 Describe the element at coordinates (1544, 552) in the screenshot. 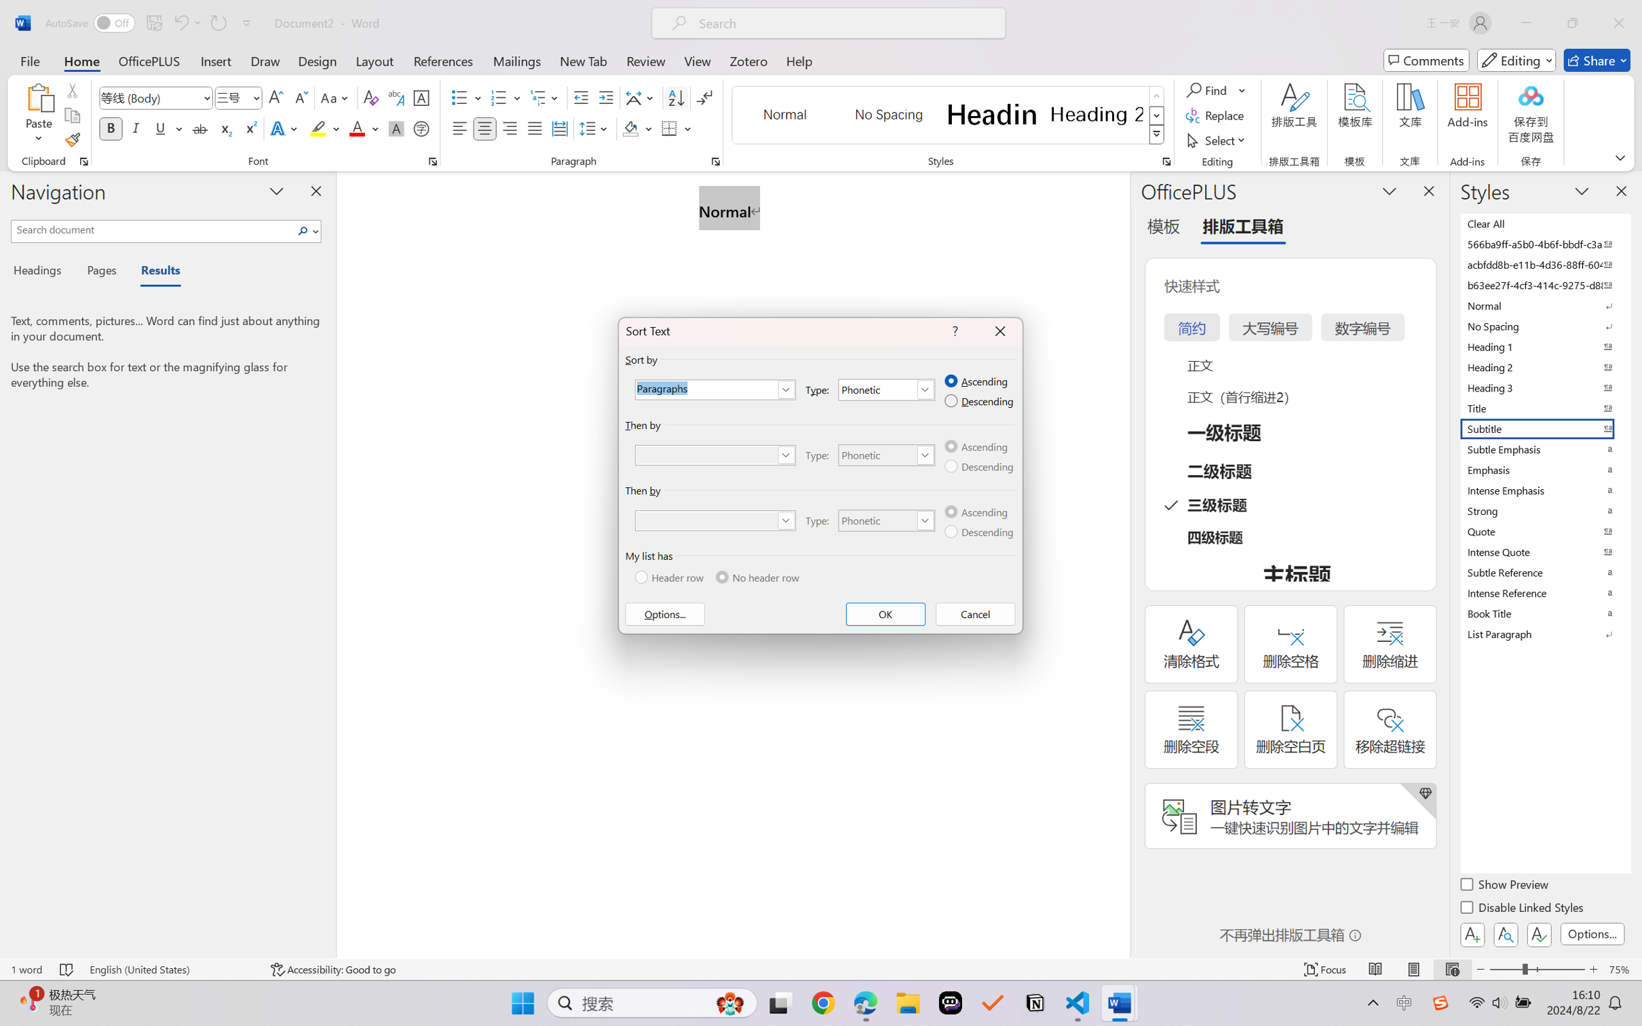

I see `'Intense Quote'` at that location.